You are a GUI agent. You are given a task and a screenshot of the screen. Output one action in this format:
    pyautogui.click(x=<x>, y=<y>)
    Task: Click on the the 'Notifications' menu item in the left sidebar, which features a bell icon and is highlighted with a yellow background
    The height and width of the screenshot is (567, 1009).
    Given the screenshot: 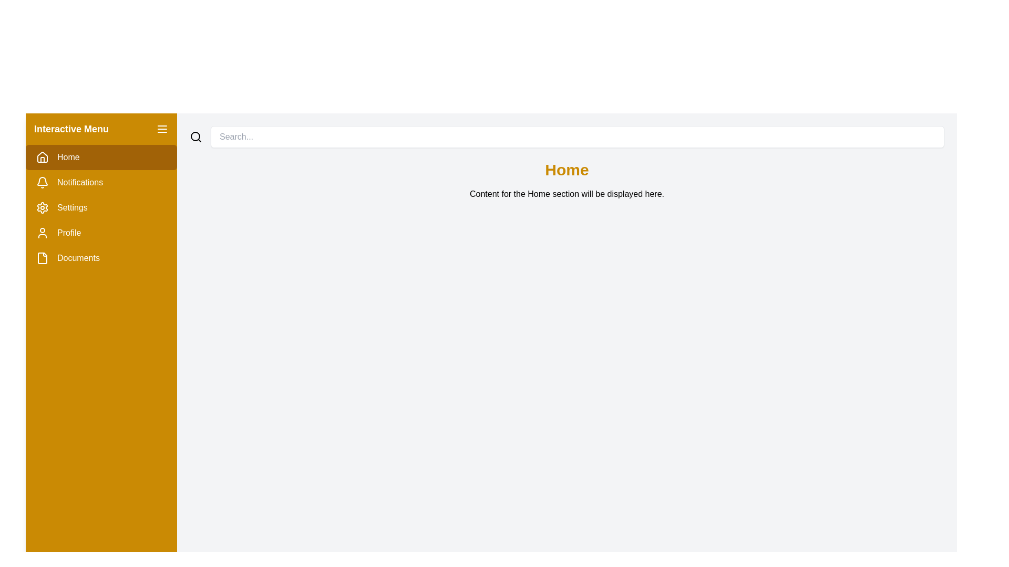 What is the action you would take?
    pyautogui.click(x=101, y=182)
    